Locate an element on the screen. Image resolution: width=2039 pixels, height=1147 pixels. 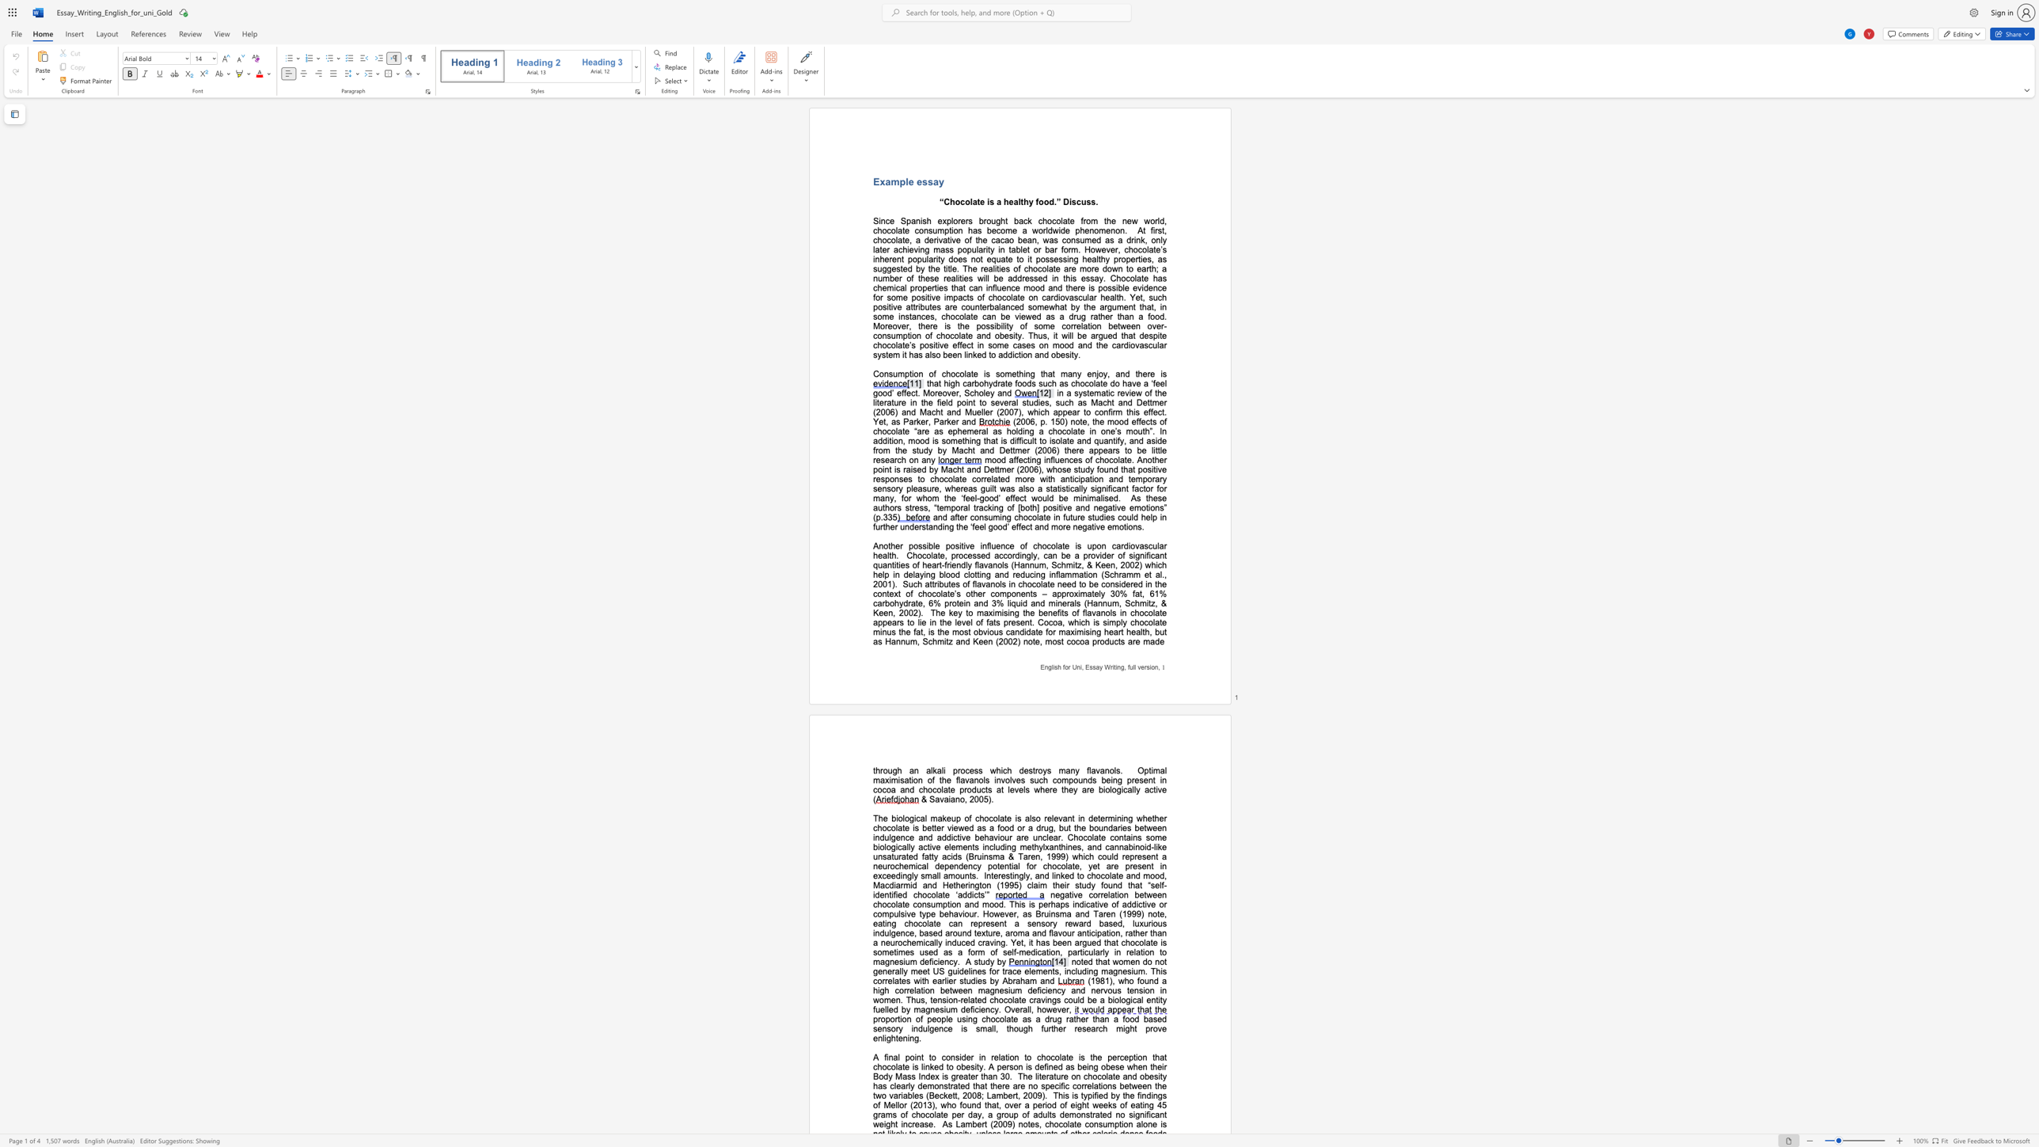
the subset text "that “self-identified chocol" within the text "Interestingly, and linked to chocolate and mood, Macdiarmid and Hetherington (1995) claim their study found that “self-identified chocolate ‘addicts’”" is located at coordinates (1127, 885).